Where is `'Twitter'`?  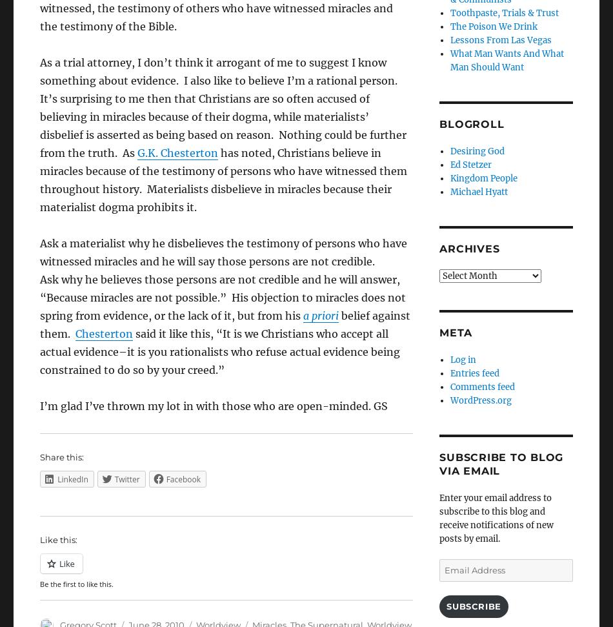
'Twitter' is located at coordinates (126, 478).